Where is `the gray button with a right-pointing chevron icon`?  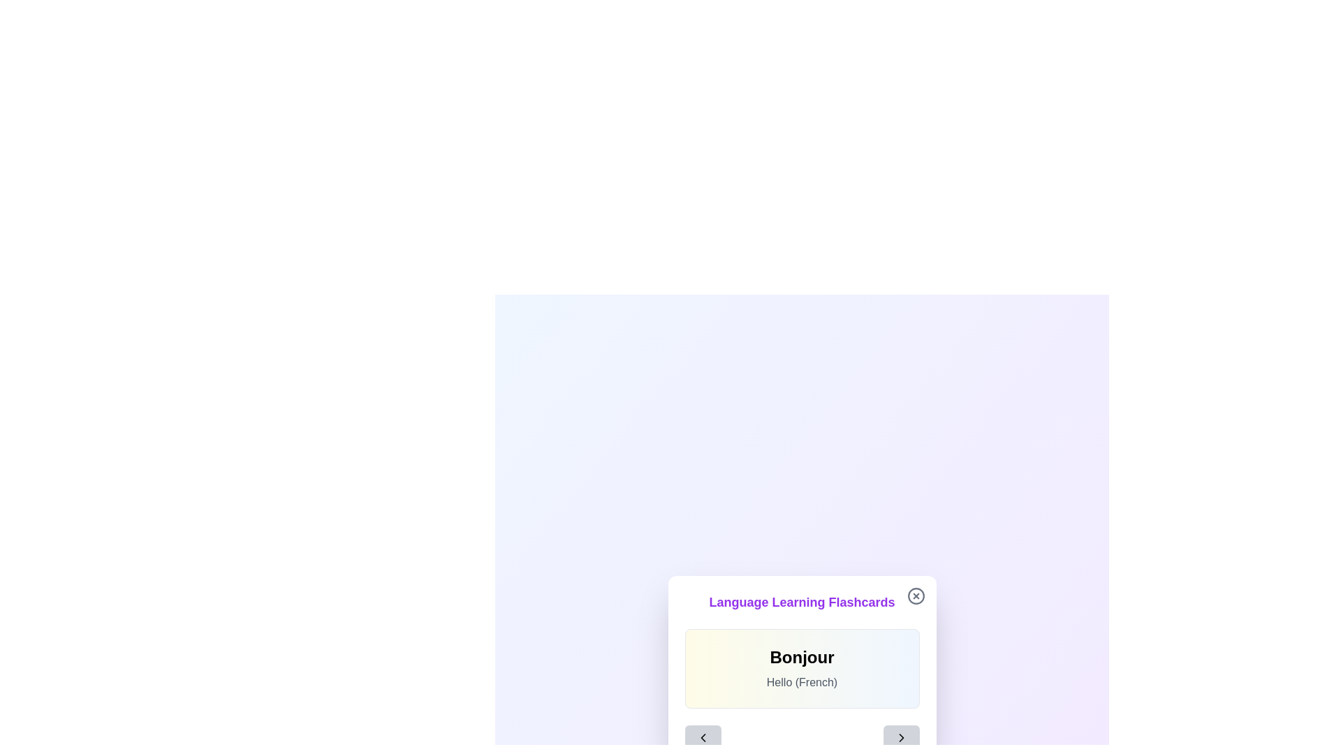 the gray button with a right-pointing chevron icon is located at coordinates (901, 737).